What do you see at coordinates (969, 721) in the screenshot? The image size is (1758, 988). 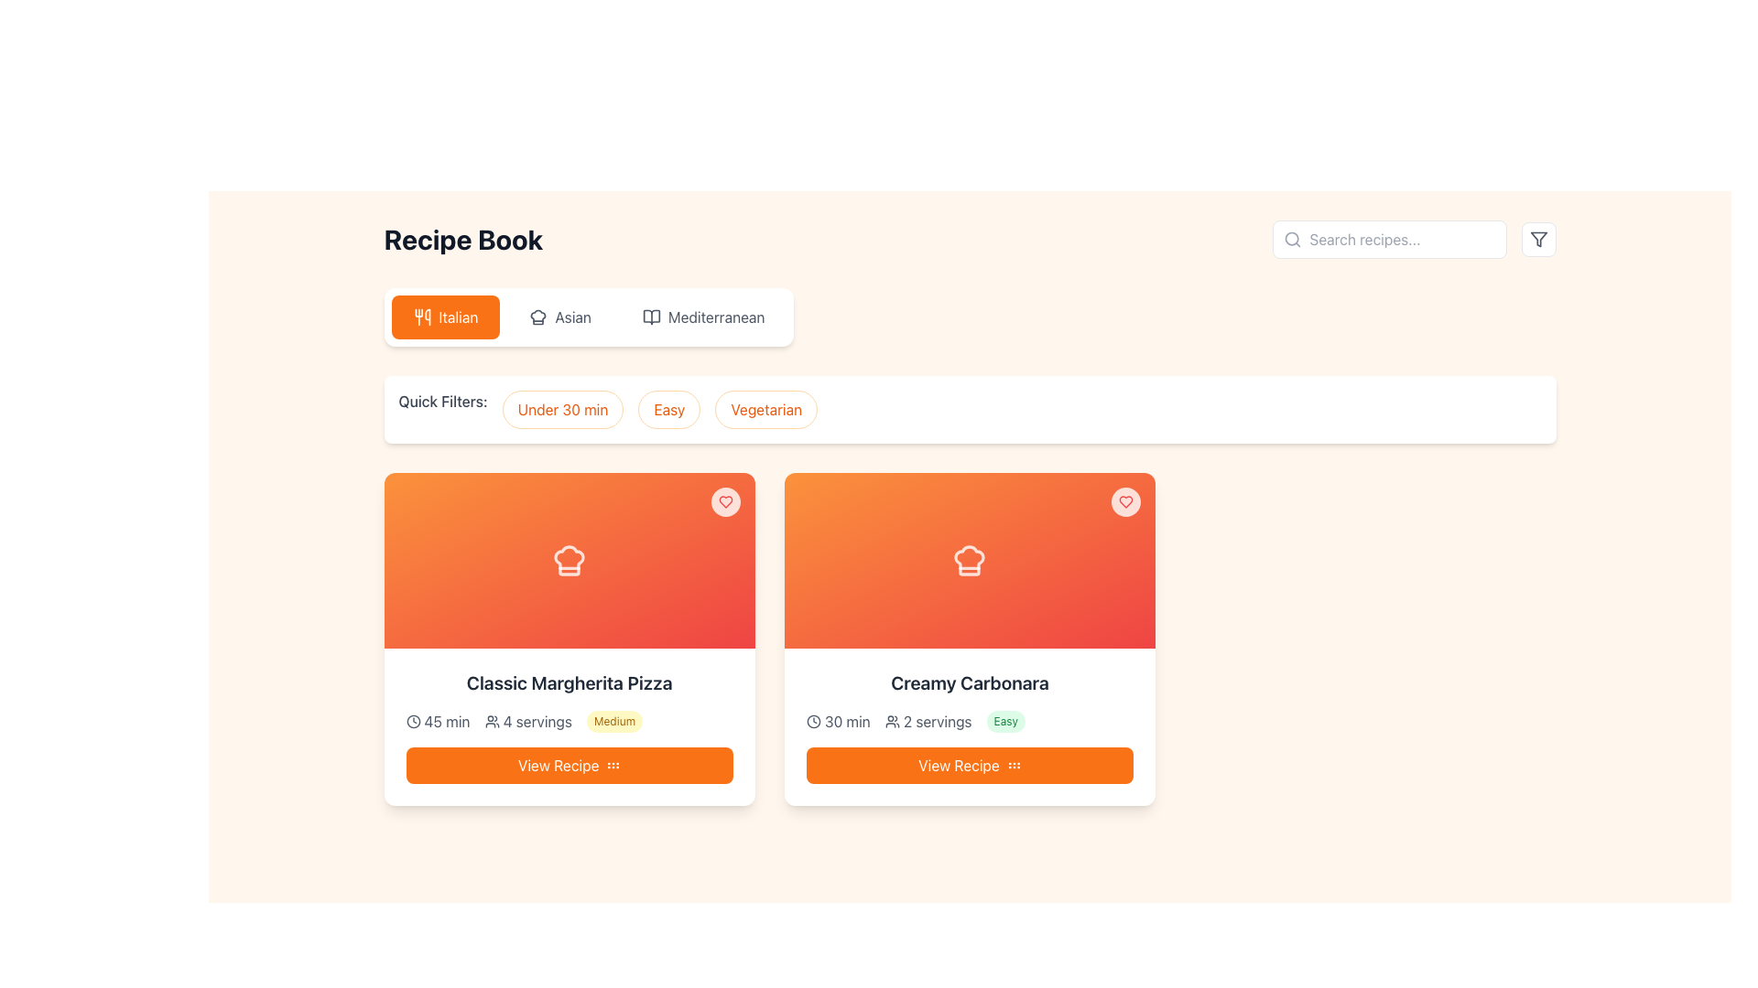 I see `the hidden interactions associated with the Label group displaying recipe properties for 'Creamy Carbonara', located below the recipe title and above the 'View Recipe' button` at bounding box center [969, 721].